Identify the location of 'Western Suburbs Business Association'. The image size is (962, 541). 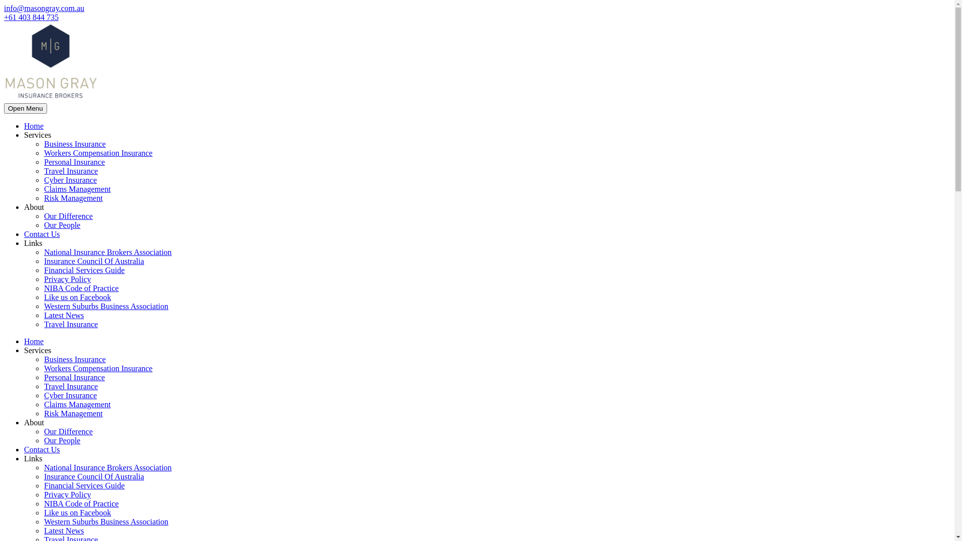
(106, 521).